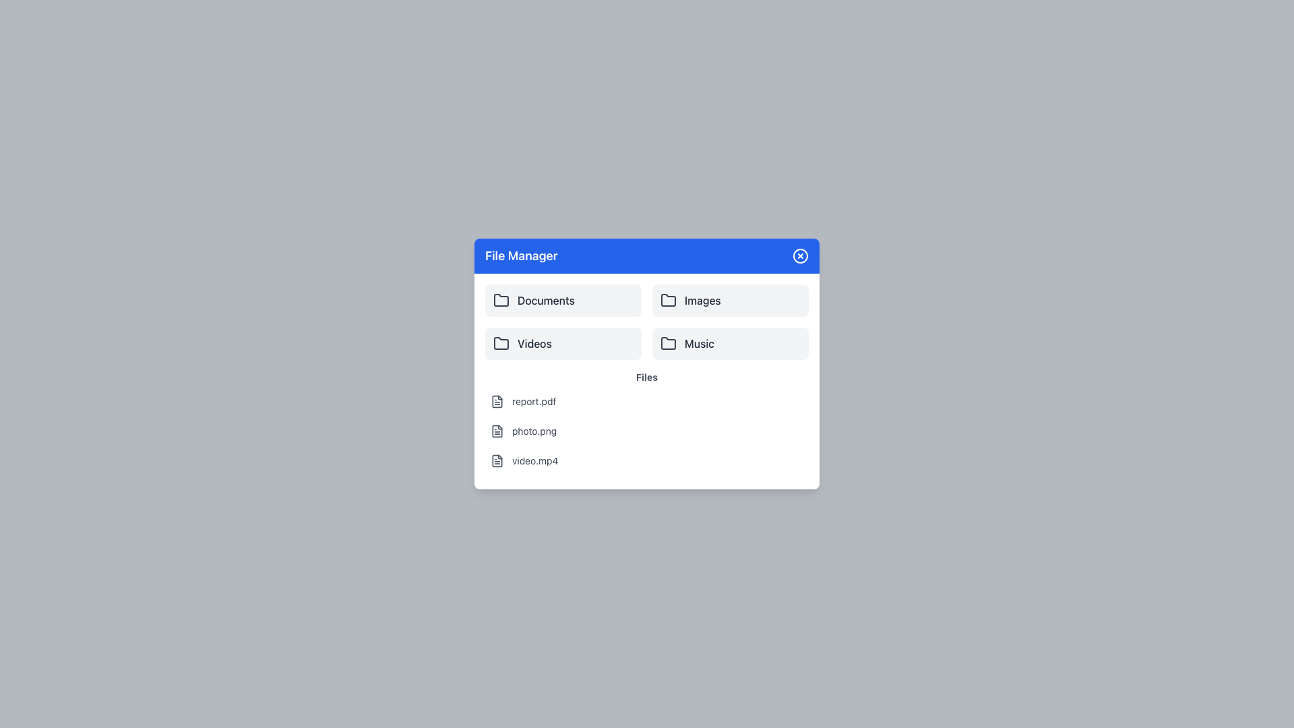  What do you see at coordinates (801, 256) in the screenshot?
I see `the close button located on the right side of the blue header bar, adjacent to the text 'File Manager'` at bounding box center [801, 256].